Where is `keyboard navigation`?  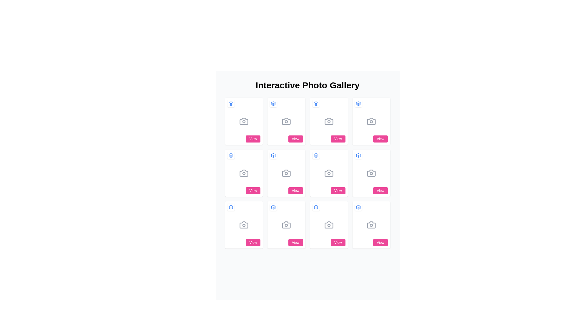 keyboard navigation is located at coordinates (244, 121).